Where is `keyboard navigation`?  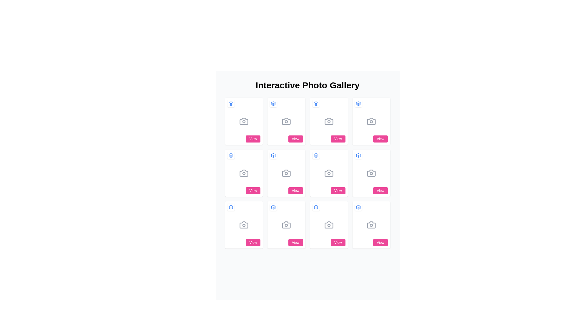 keyboard navigation is located at coordinates (244, 121).